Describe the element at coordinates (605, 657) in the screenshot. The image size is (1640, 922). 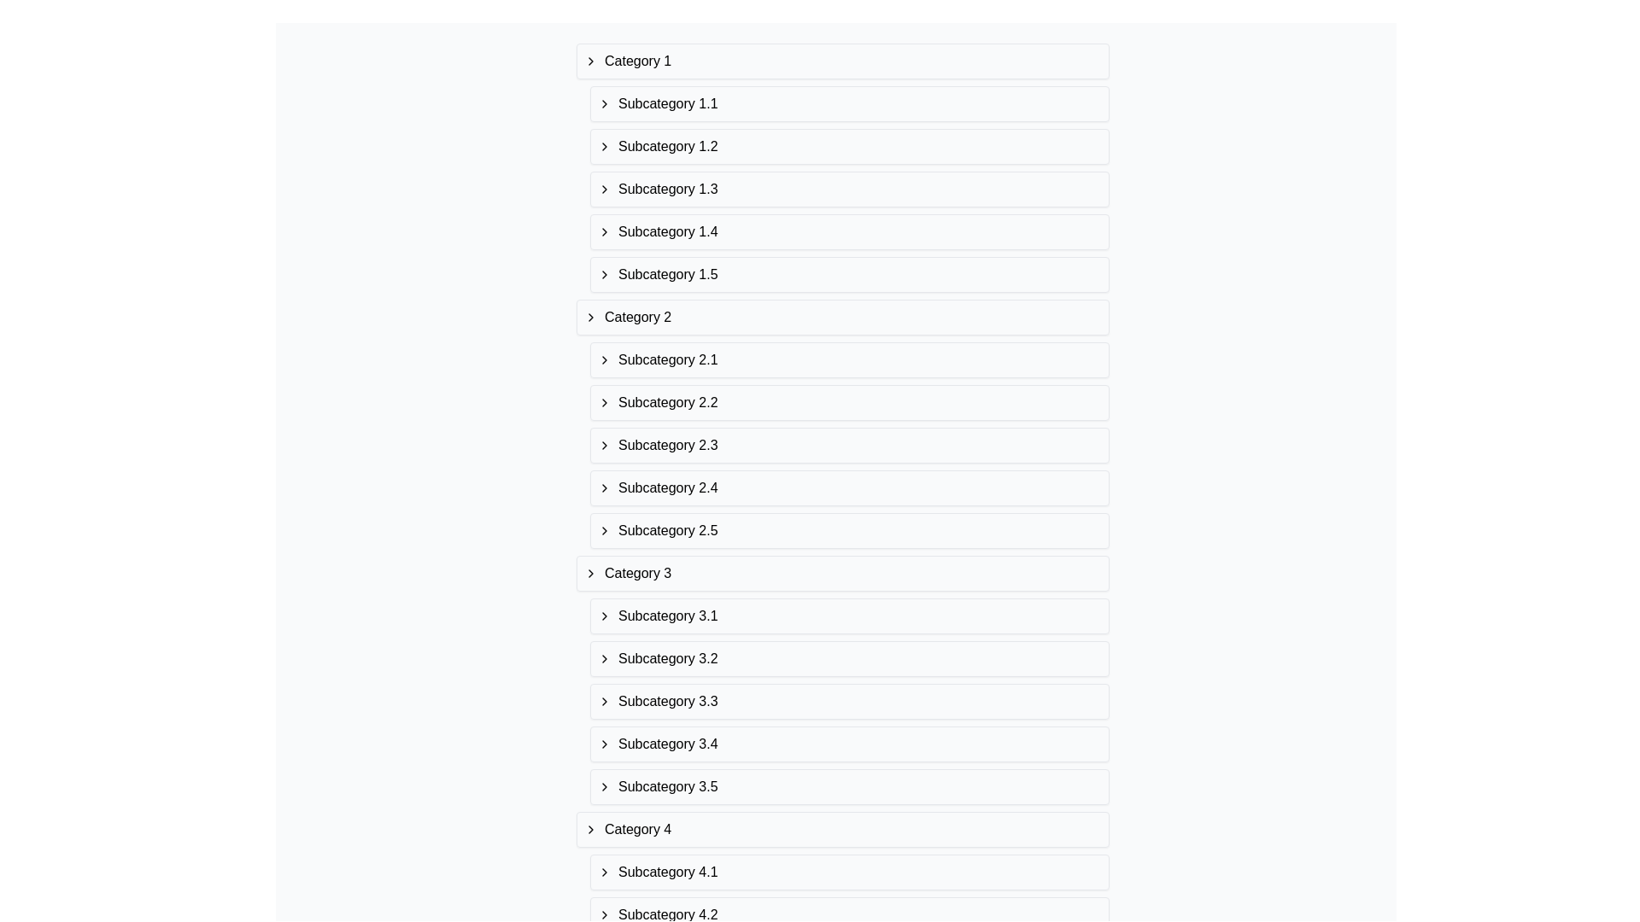
I see `the chevron icon next to the 'Subcategory 3.2' label, which indicates an expandable section` at that location.